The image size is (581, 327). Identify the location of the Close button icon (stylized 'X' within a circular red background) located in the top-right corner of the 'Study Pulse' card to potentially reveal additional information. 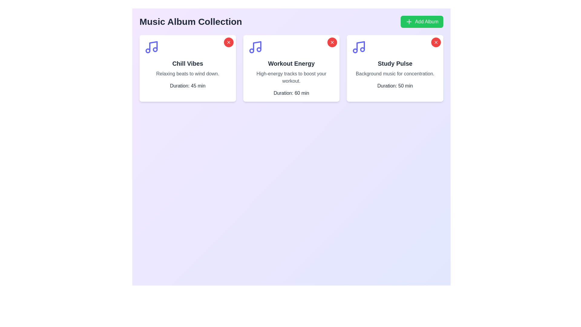
(332, 42).